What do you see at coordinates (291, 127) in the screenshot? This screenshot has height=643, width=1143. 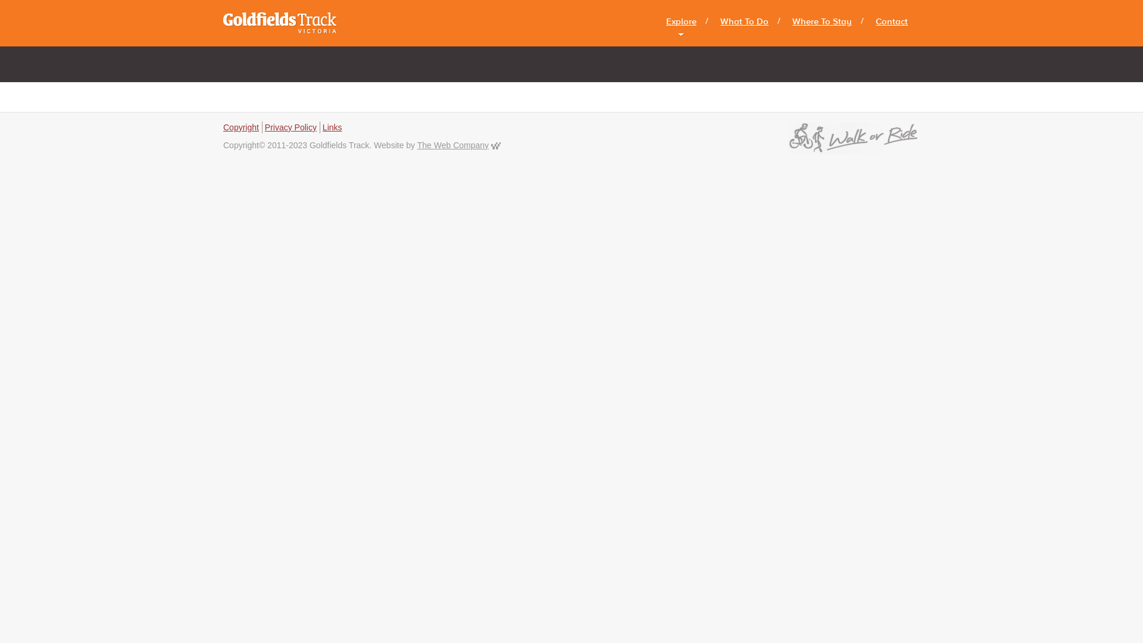 I see `'Privacy Policy'` at bounding box center [291, 127].